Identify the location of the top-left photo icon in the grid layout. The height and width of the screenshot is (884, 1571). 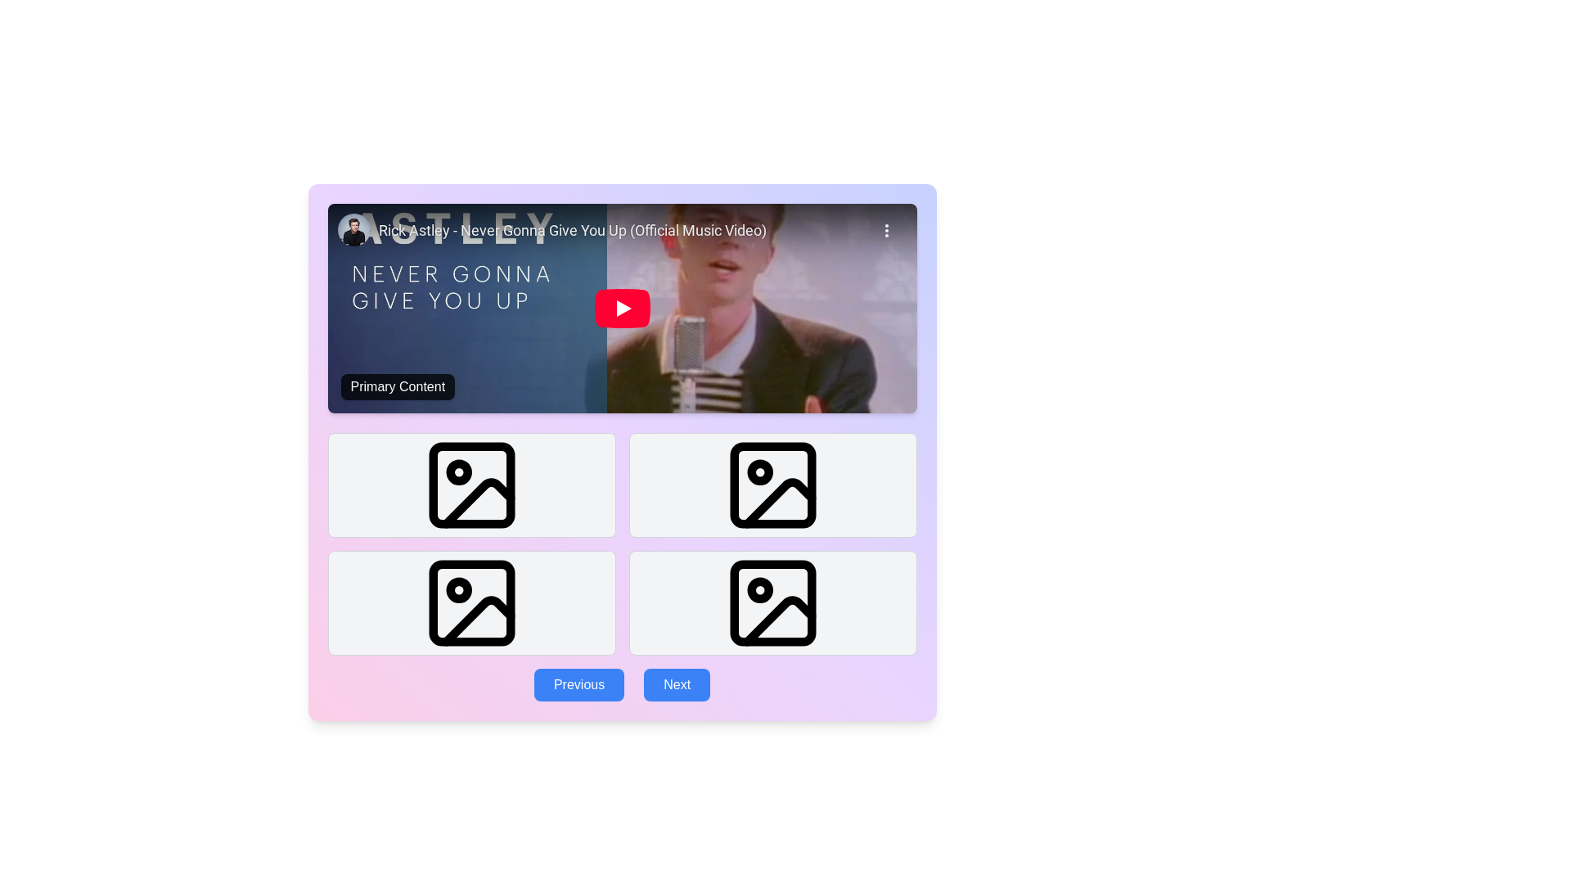
(470, 485).